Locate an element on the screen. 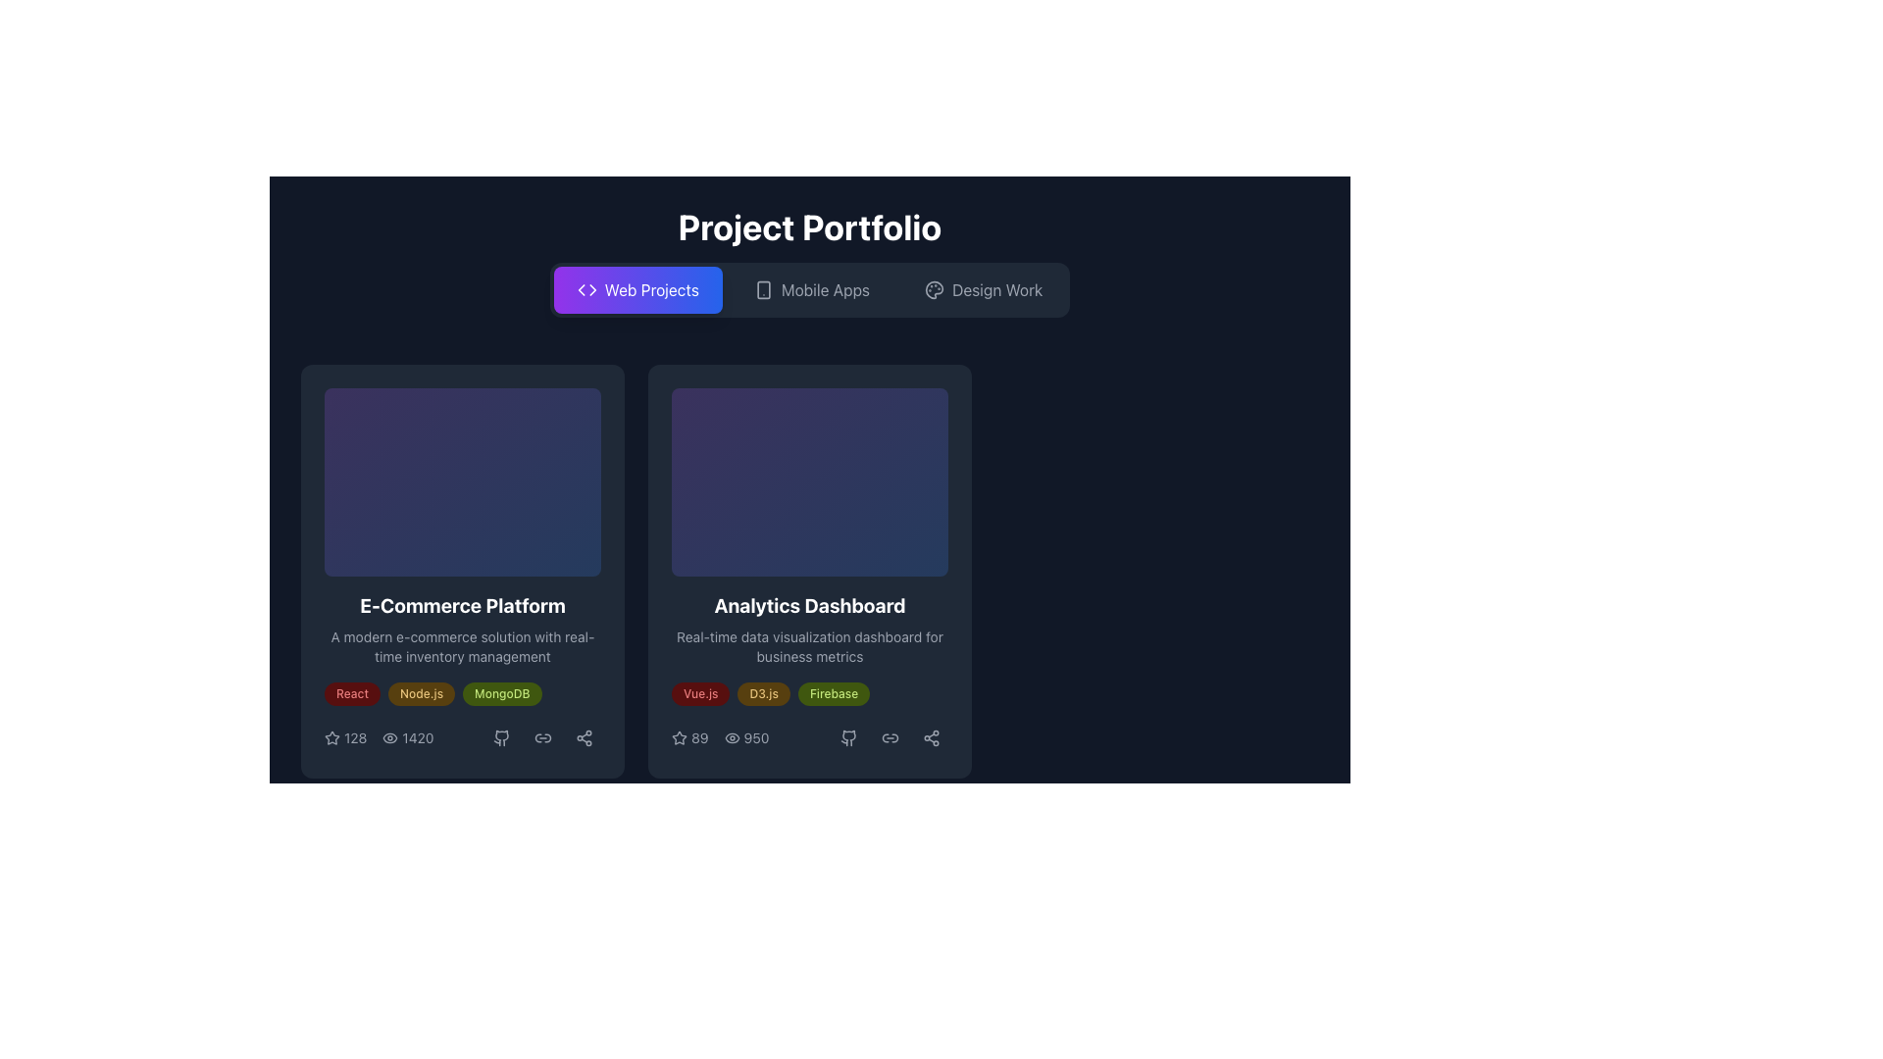 This screenshot has width=1883, height=1059. the static text label that serves as the title of the project in the second card under the 'Web Projects' tab, located in the second column of the top row is located at coordinates (809, 604).